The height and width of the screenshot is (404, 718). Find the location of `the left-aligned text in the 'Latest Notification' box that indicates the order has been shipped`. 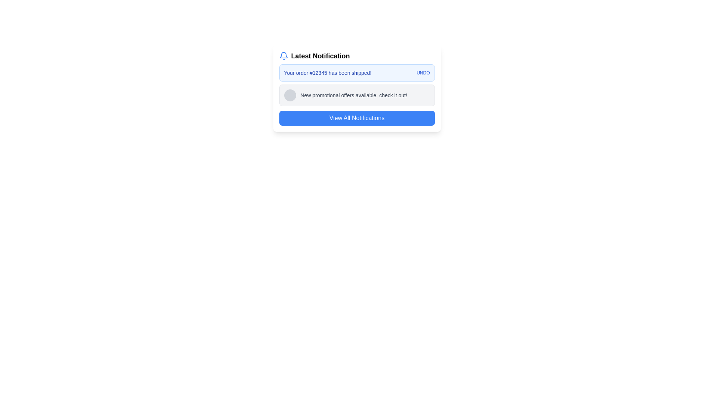

the left-aligned text in the 'Latest Notification' box that indicates the order has been shipped is located at coordinates (328, 73).